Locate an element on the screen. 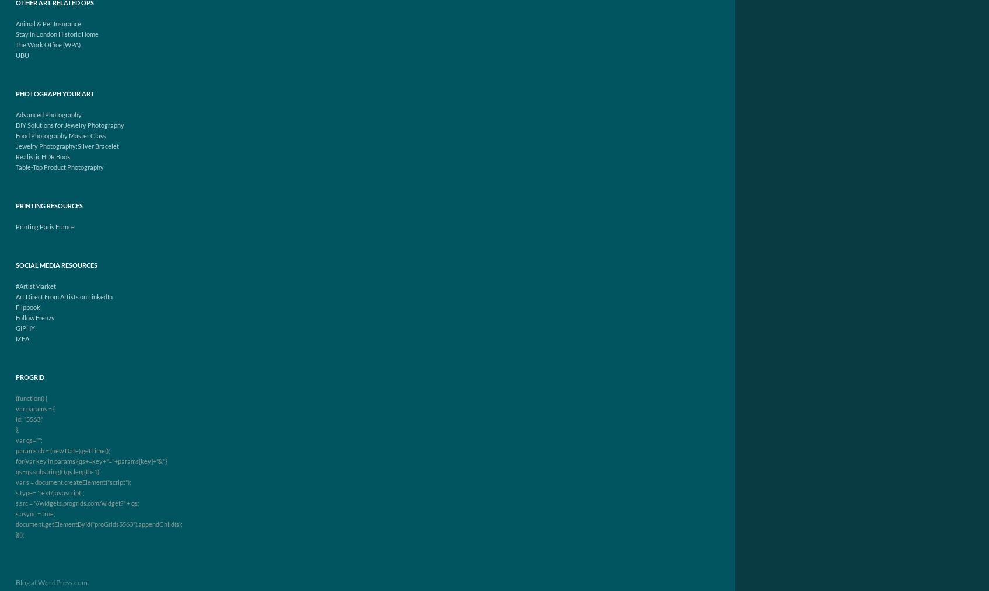  'UBU' is located at coordinates (22, 54).